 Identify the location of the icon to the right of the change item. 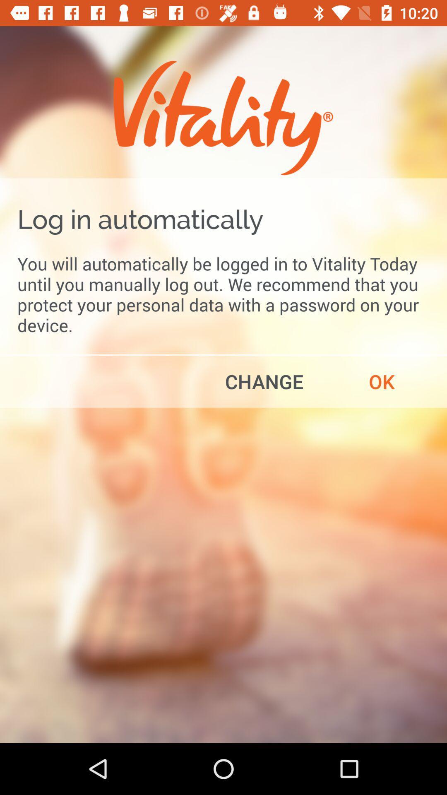
(382, 381).